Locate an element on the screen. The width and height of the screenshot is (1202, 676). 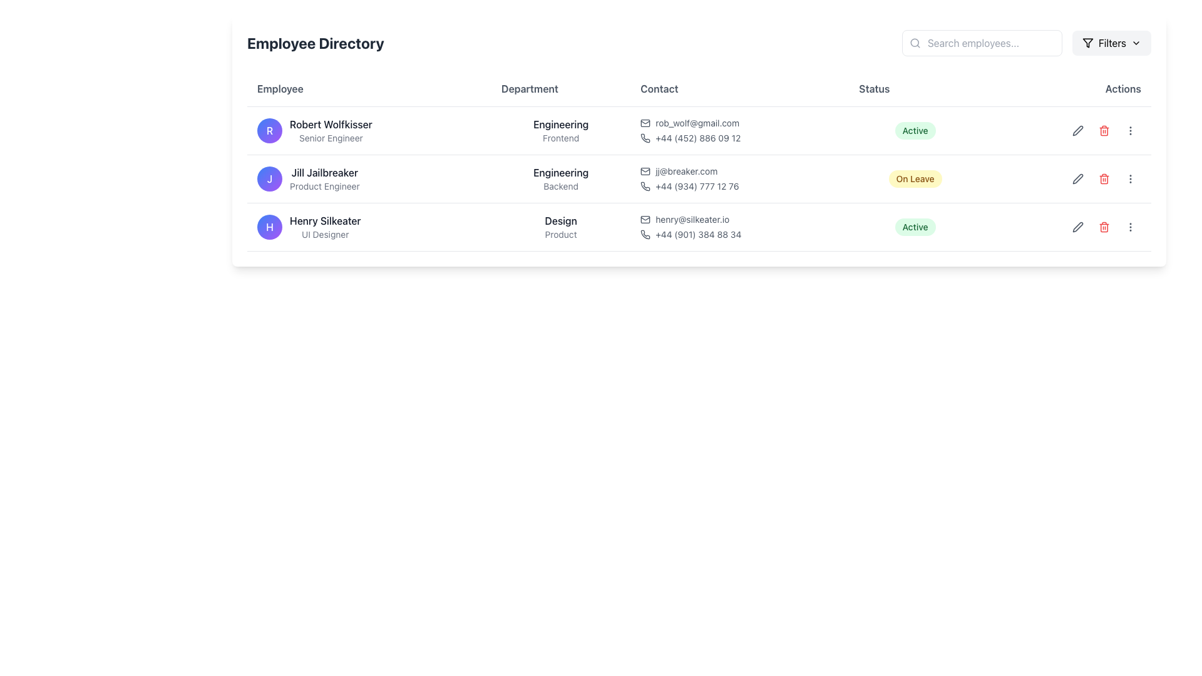
the edit icon in the 'Actions' column for the employee 'Jill Jailbreaker' is located at coordinates (1066, 178).